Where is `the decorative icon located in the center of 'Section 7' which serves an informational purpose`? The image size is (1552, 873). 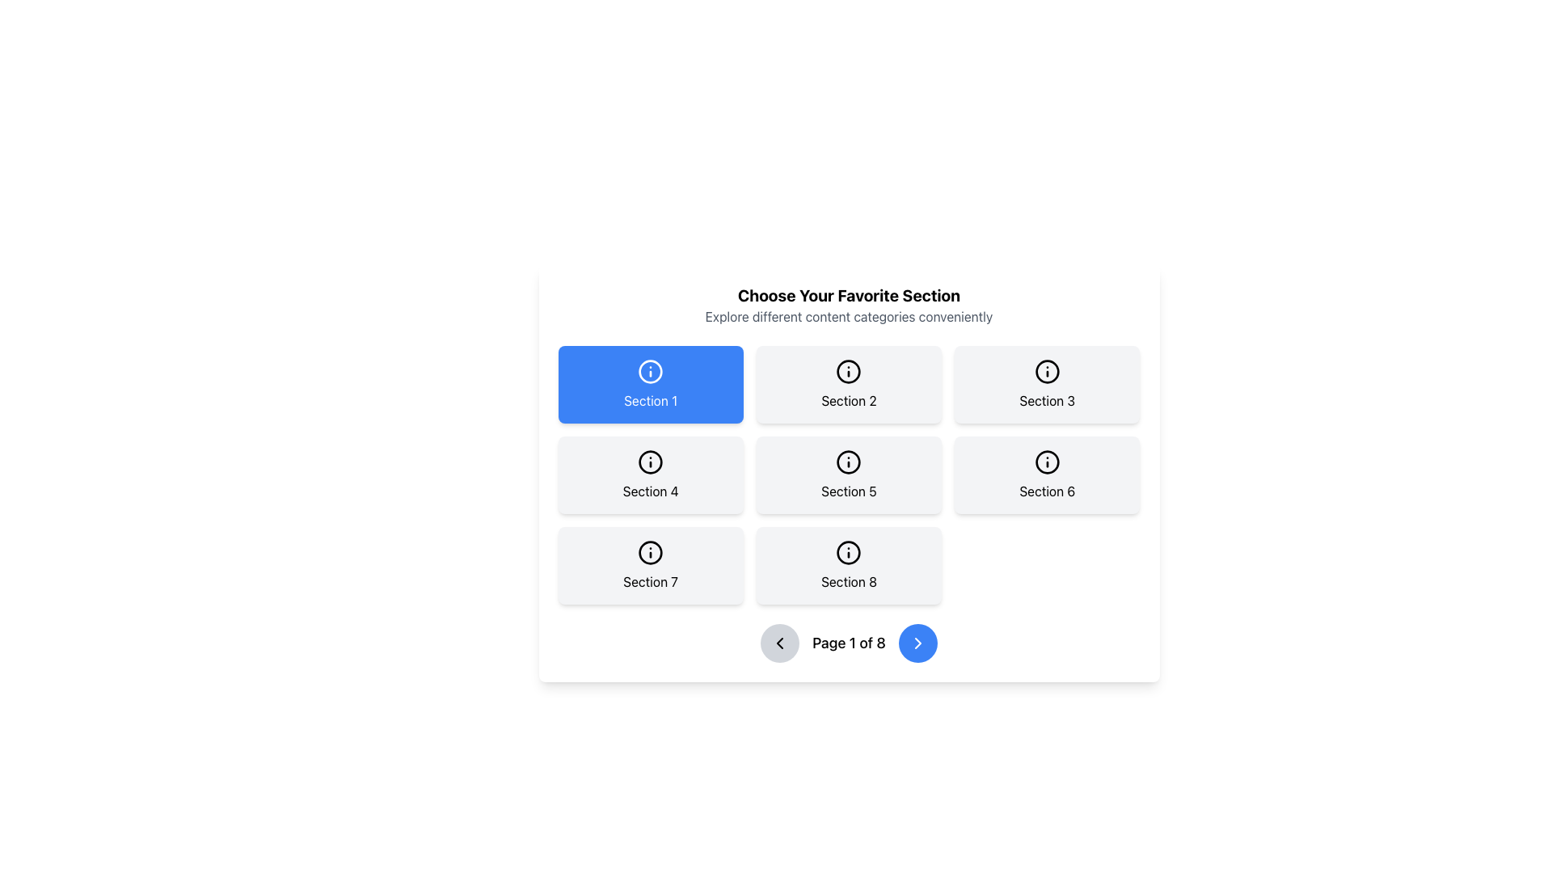
the decorative icon located in the center of 'Section 7' which serves an informational purpose is located at coordinates (651, 551).